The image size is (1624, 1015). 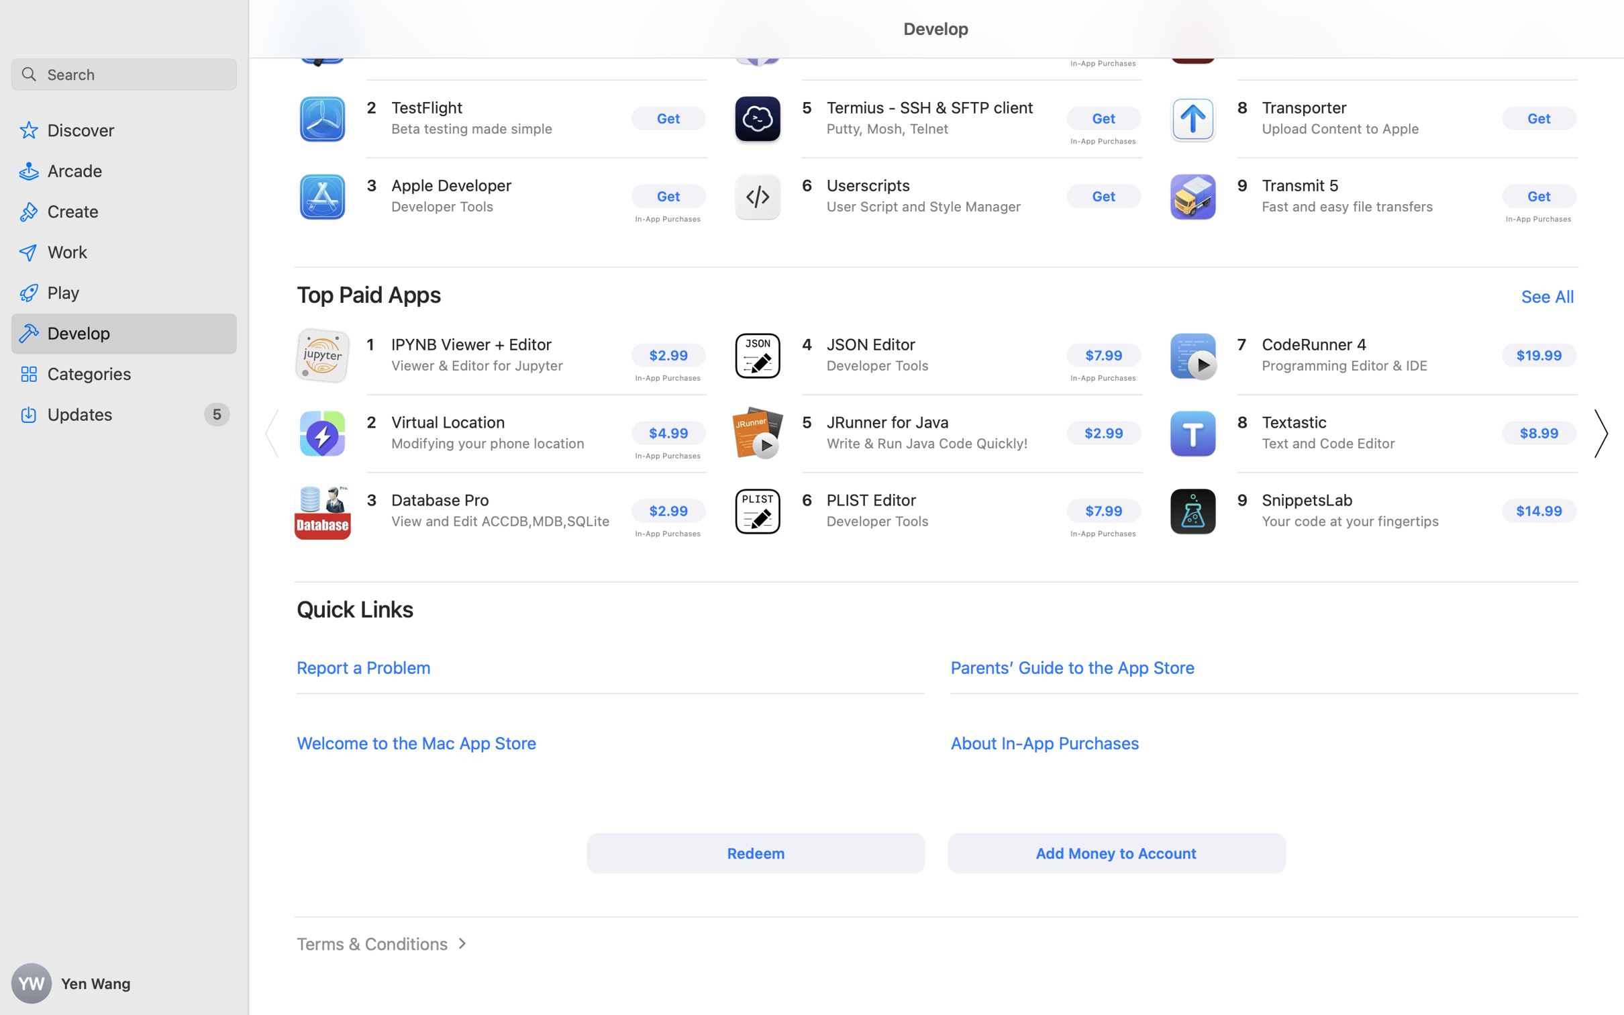 I want to click on 'Yen Wang', so click(x=124, y=983).